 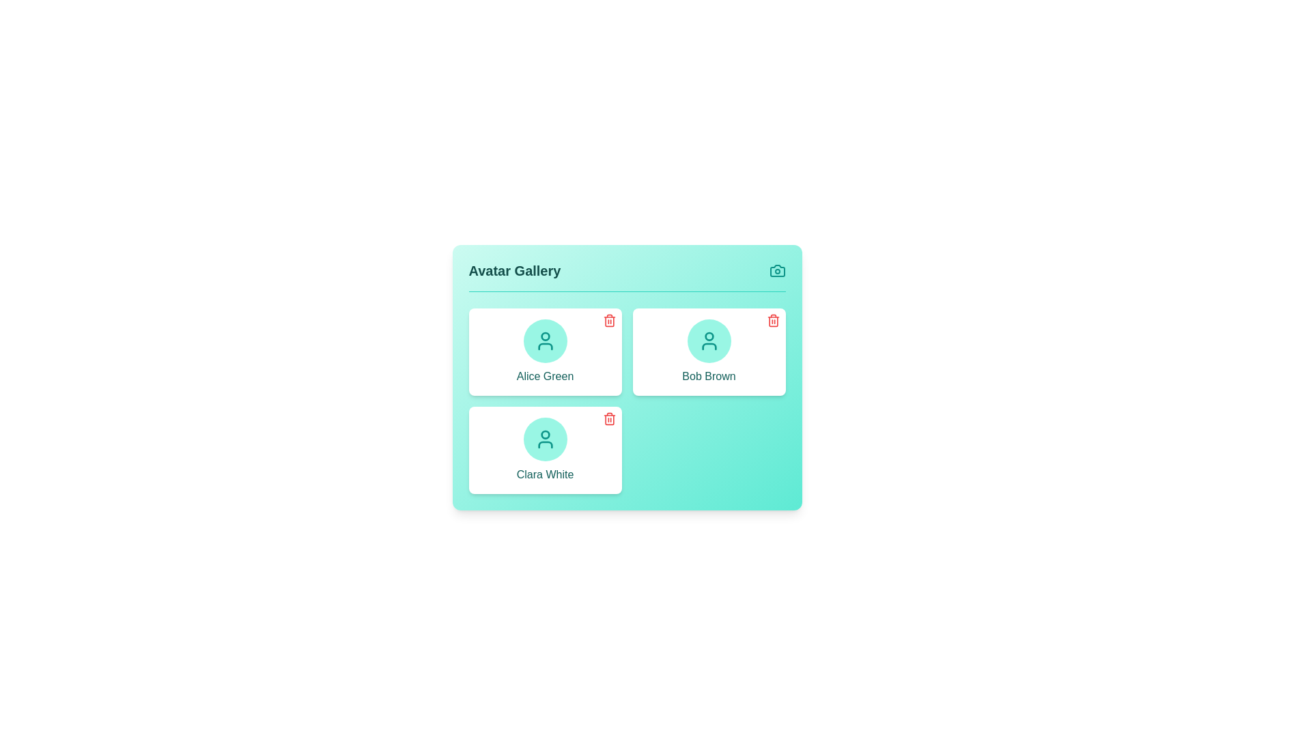 I want to click on the text label that identifies the avatar in the first card from the left on the top row of the avatar card grid, so click(x=544, y=376).